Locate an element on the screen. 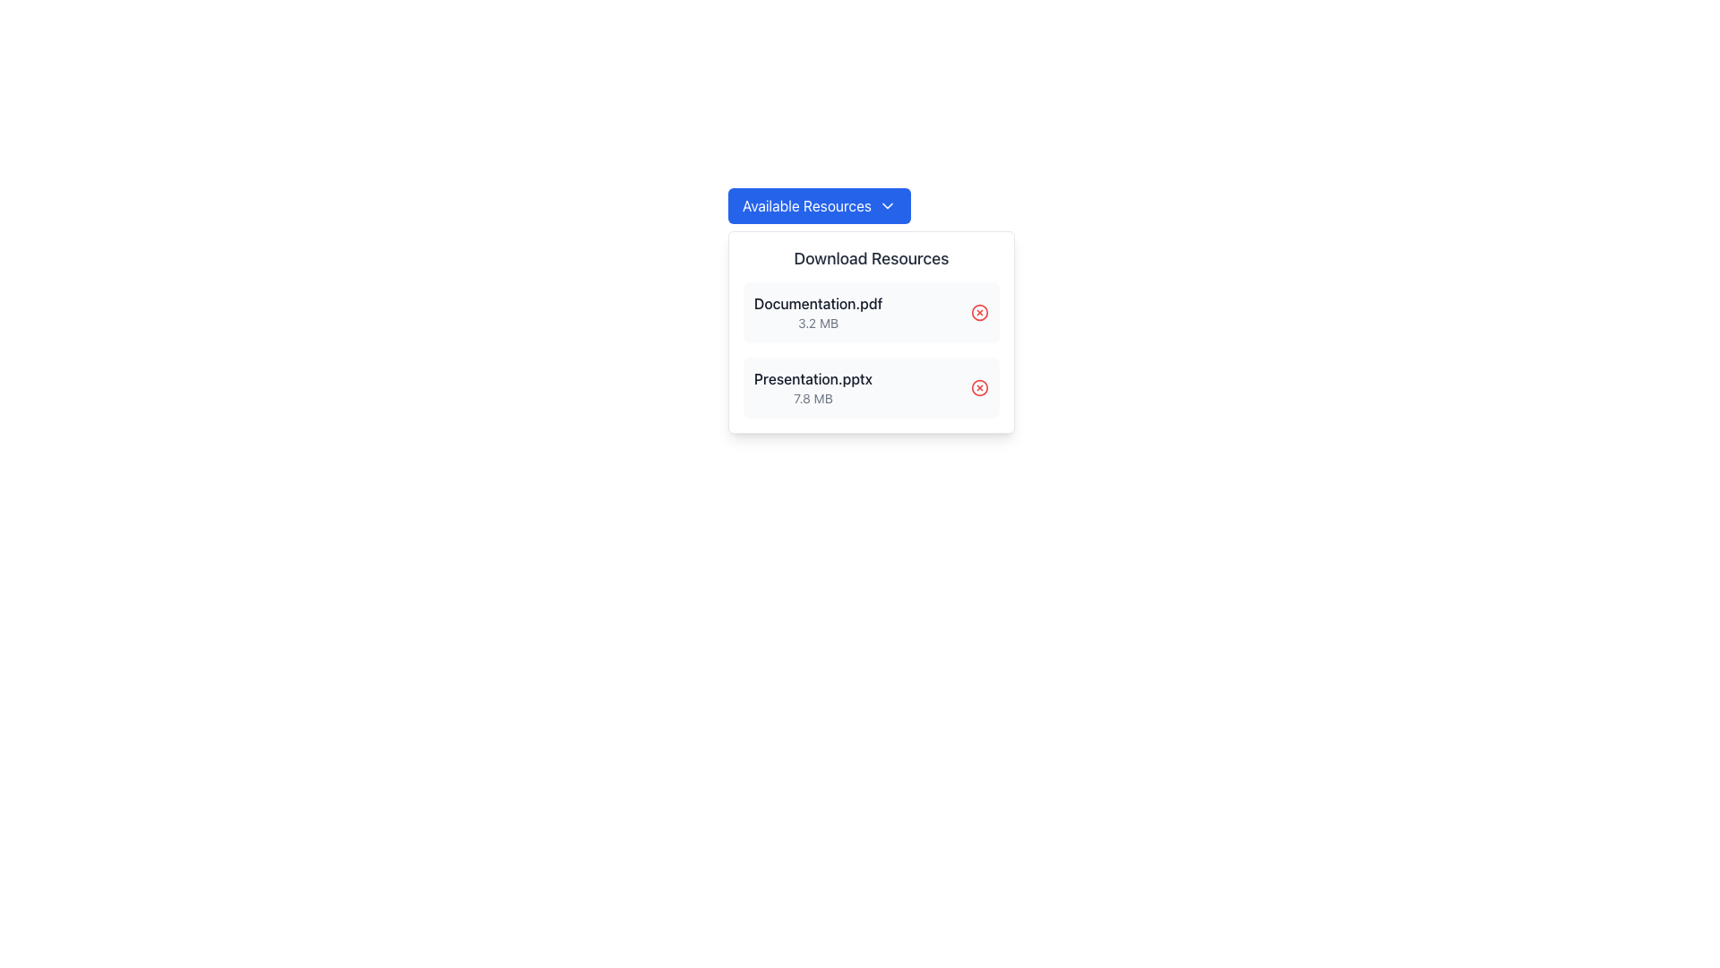  the file from the group of list items containing 'Documentation.pdf' and 'Presentation.pptx' for download is located at coordinates (871, 350).